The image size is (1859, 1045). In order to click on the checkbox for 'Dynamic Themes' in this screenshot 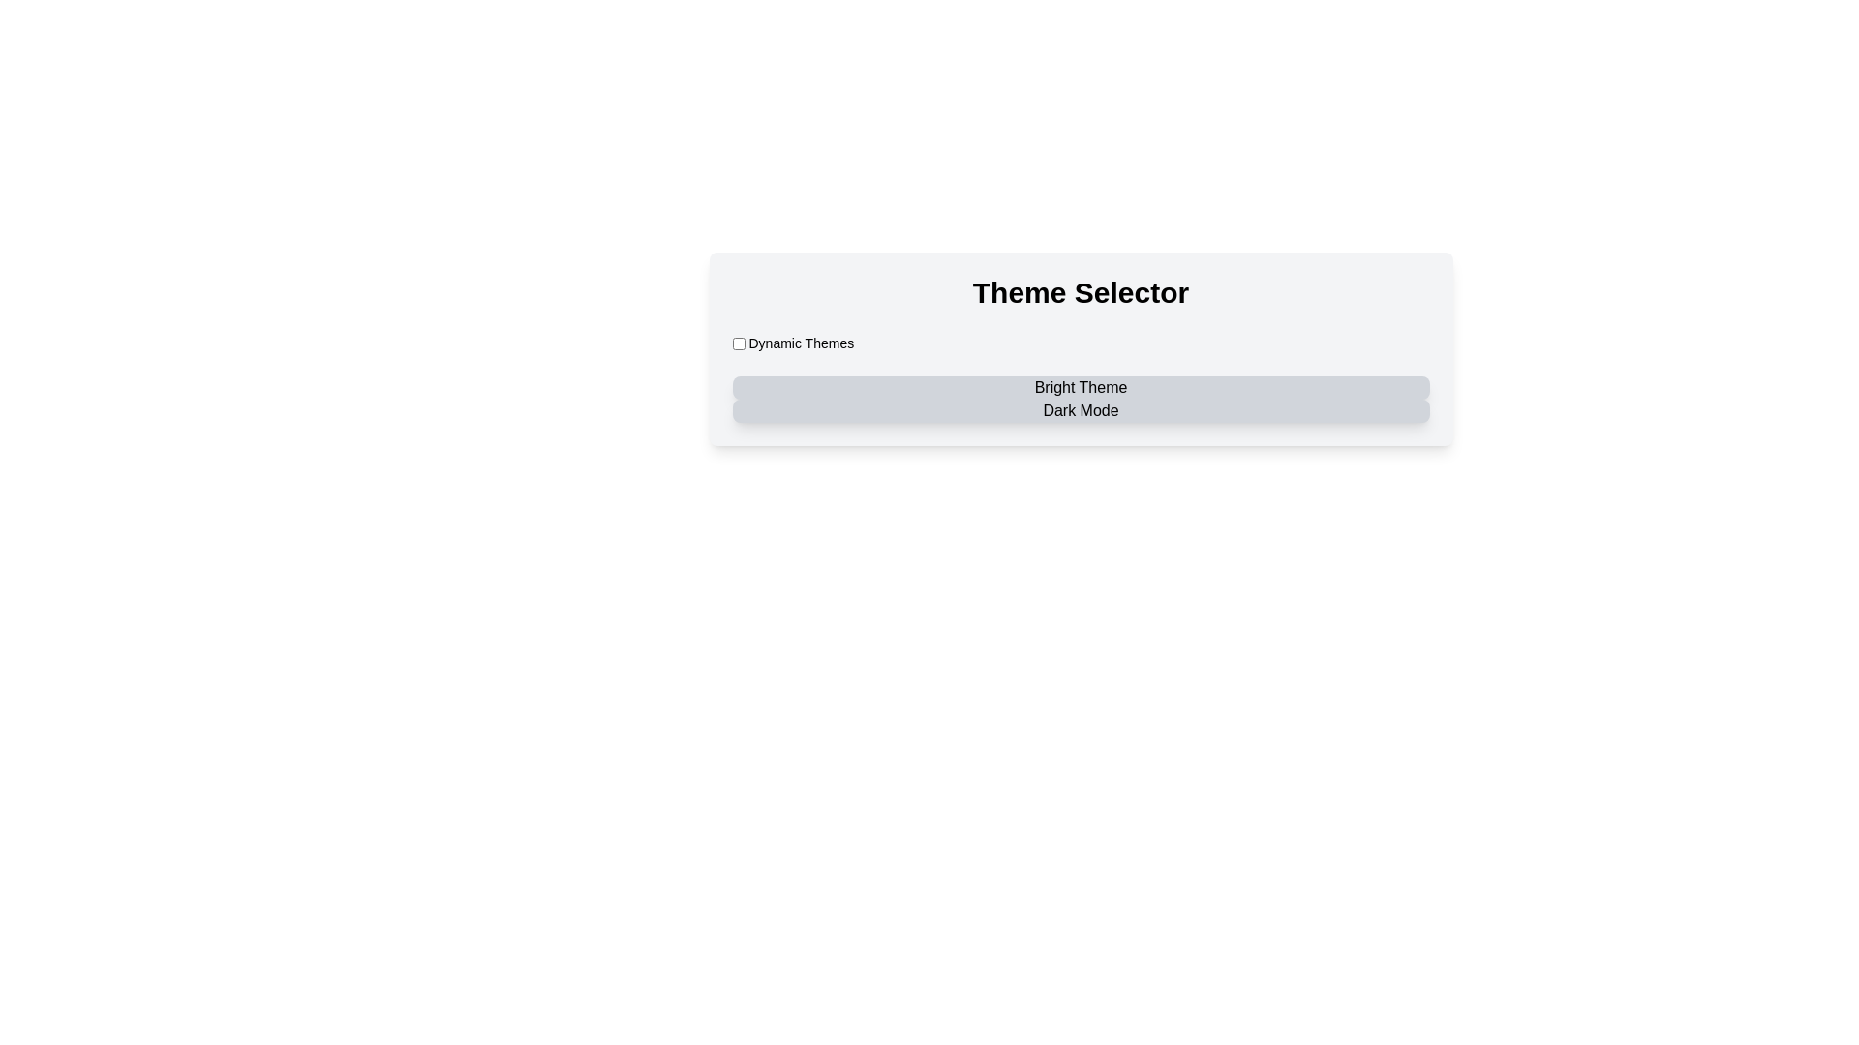, I will do `click(738, 342)`.